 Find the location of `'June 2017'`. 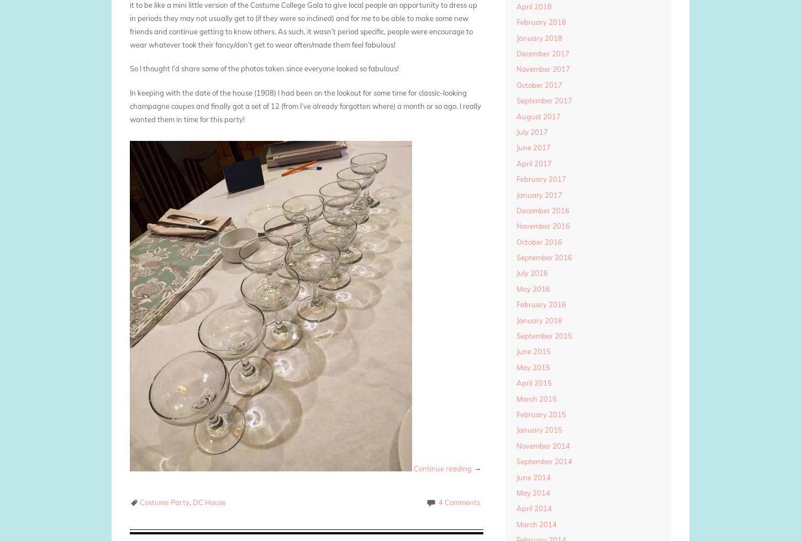

'June 2017' is located at coordinates (532, 147).